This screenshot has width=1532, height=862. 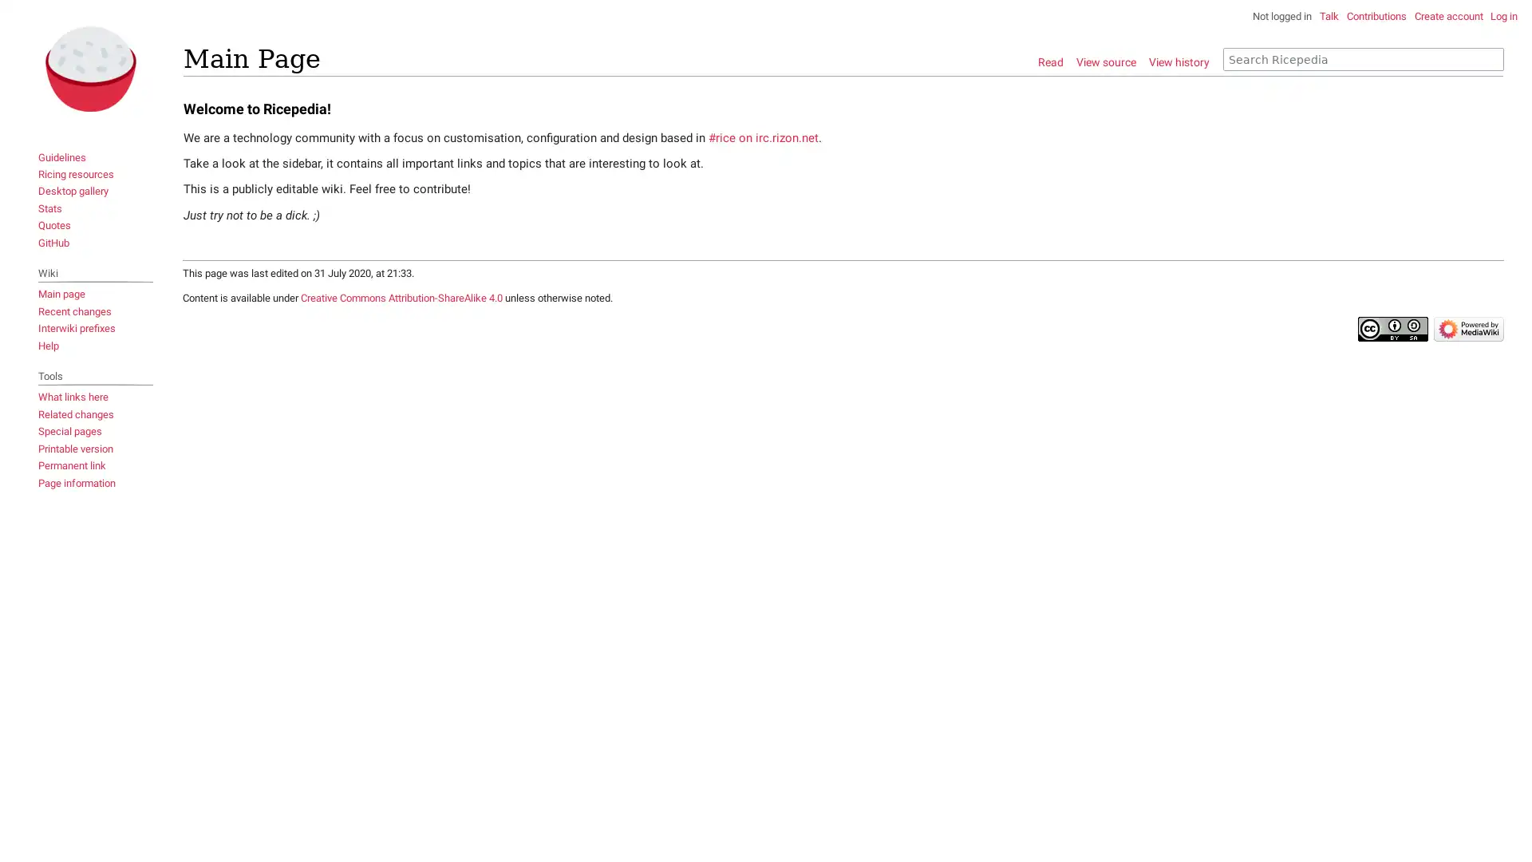 I want to click on Go, so click(x=1485, y=57).